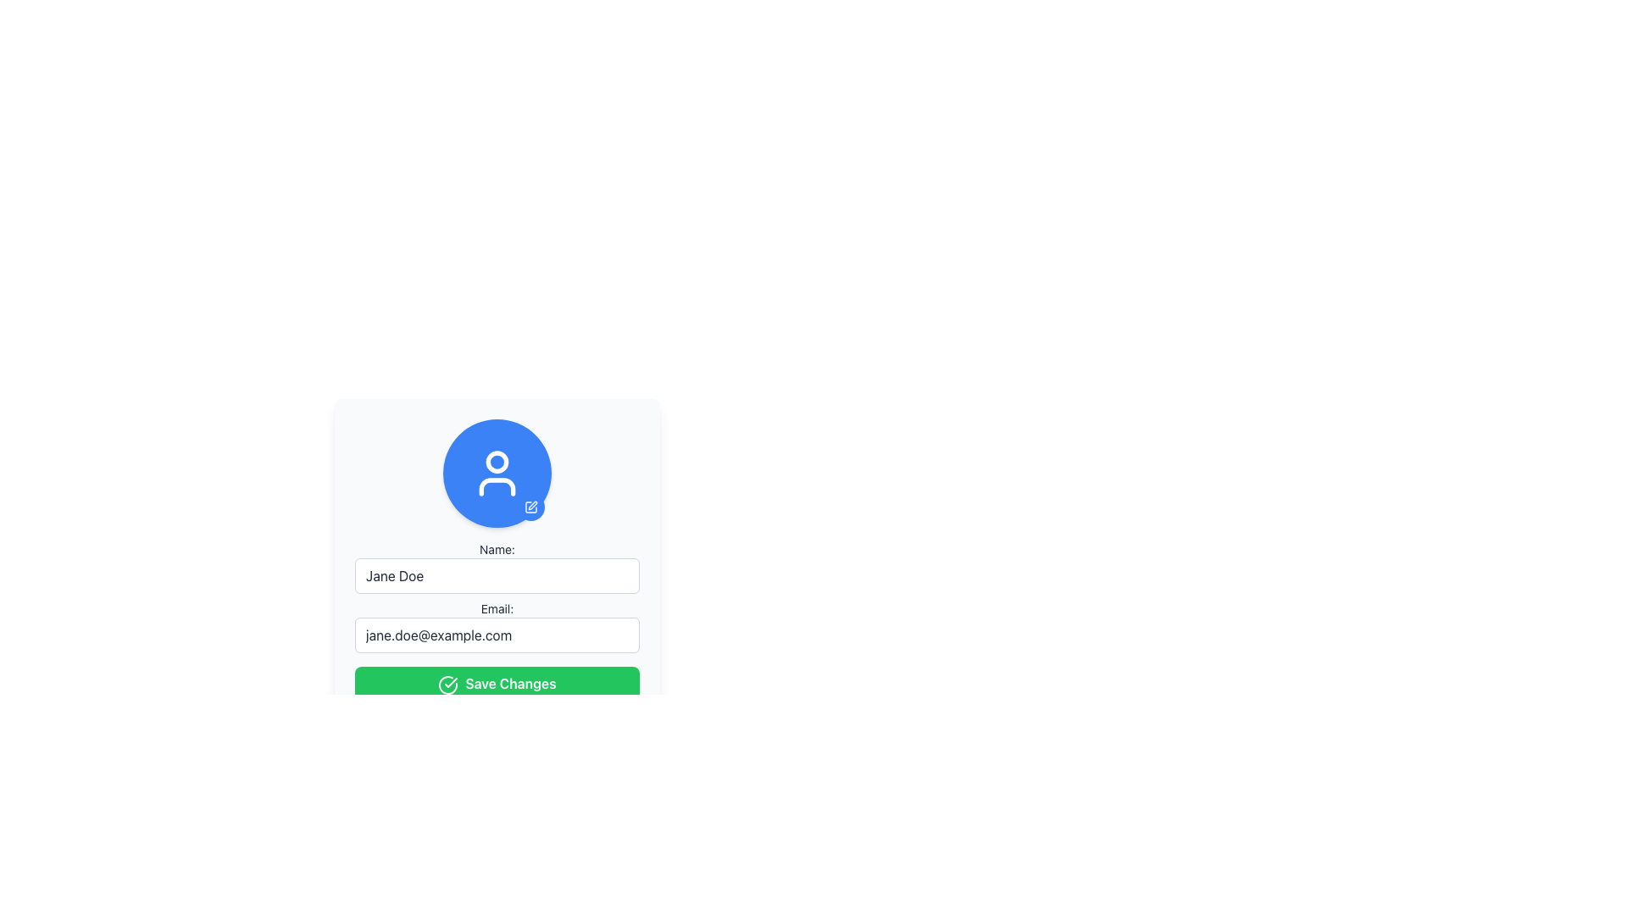 The width and height of the screenshot is (1627, 915). Describe the element at coordinates (530, 506) in the screenshot. I see `the pen icon located slightly to the bottom right of the blue circular profile picture area to initiate an edit action` at that location.